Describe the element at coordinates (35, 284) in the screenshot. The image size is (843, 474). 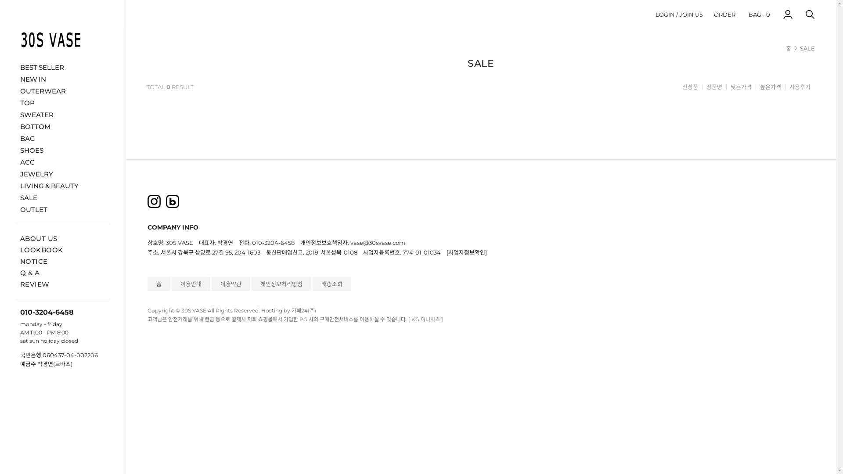
I see `'REVIEW'` at that location.